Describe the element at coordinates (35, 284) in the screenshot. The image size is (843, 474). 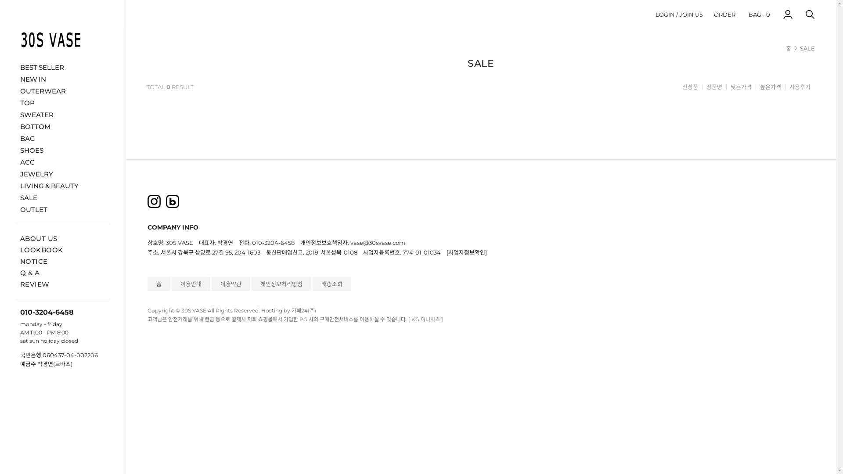
I see `'REVIEW'` at that location.